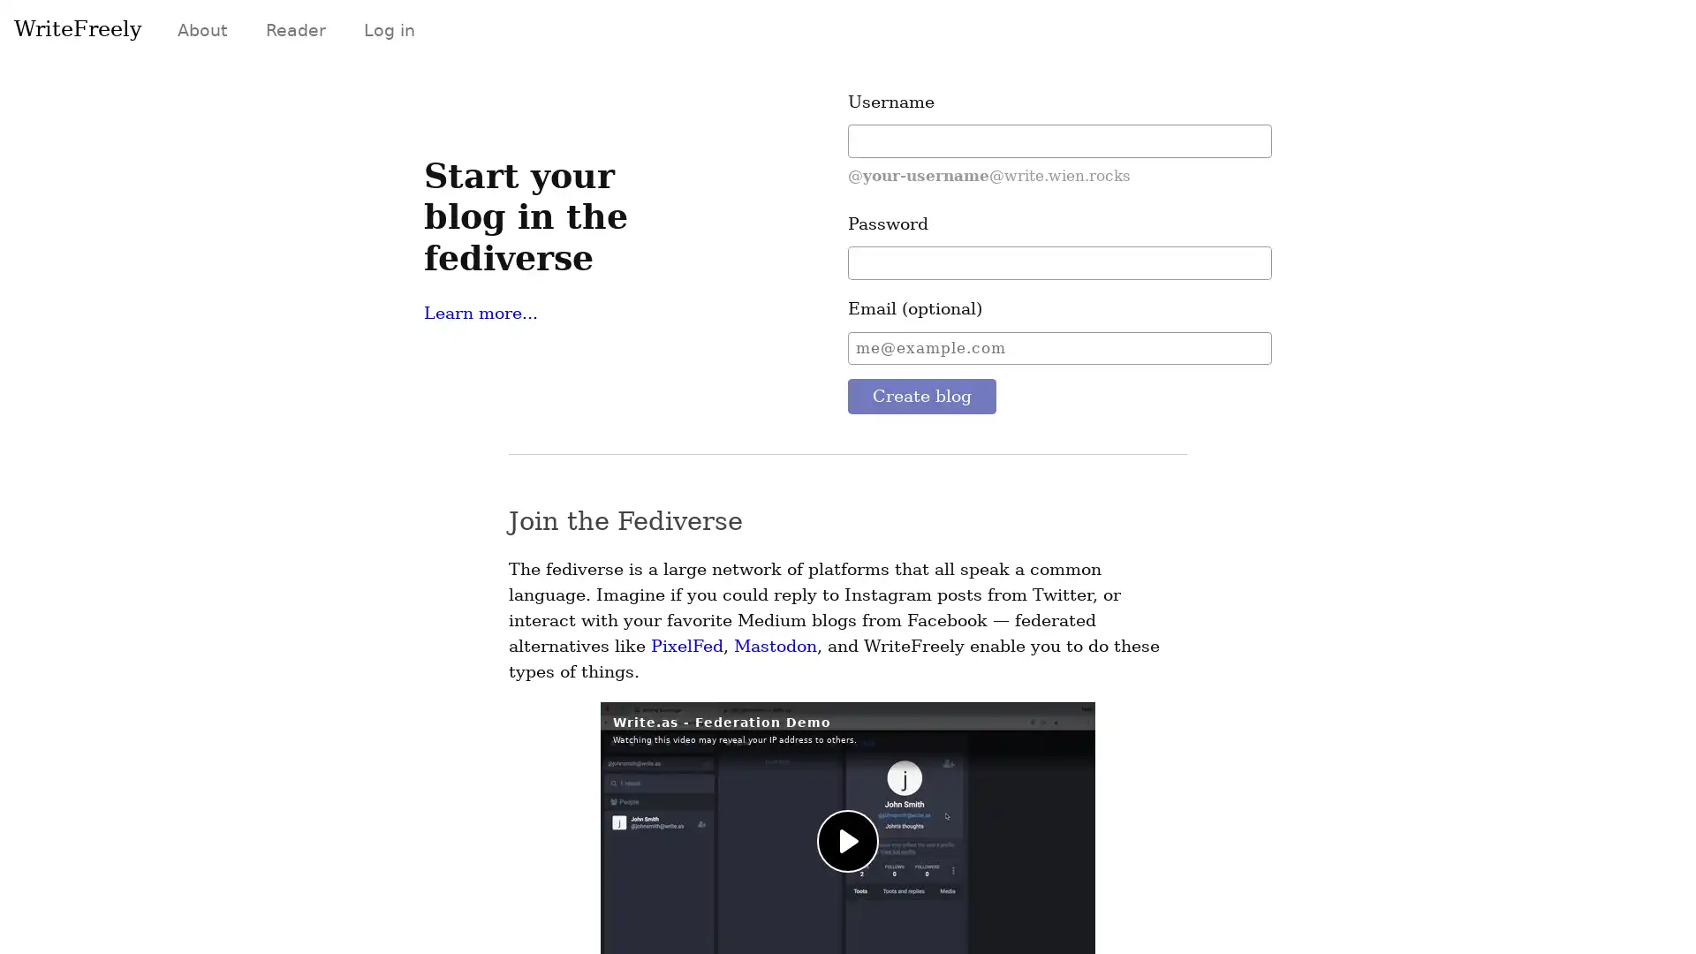 This screenshot has width=1696, height=954. What do you see at coordinates (921, 397) in the screenshot?
I see `Create blog` at bounding box center [921, 397].